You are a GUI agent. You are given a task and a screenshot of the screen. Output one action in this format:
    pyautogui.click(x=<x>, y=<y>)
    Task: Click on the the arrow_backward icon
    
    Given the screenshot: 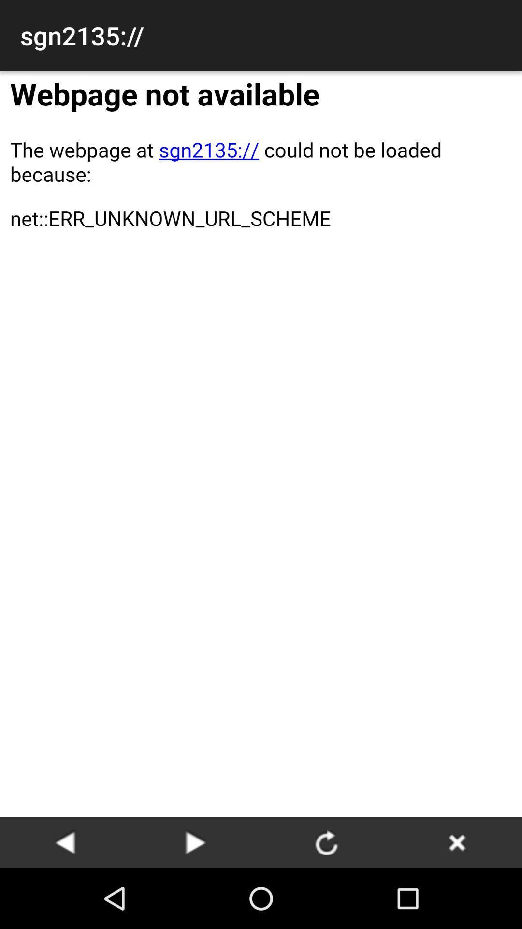 What is the action you would take?
    pyautogui.click(x=65, y=901)
    